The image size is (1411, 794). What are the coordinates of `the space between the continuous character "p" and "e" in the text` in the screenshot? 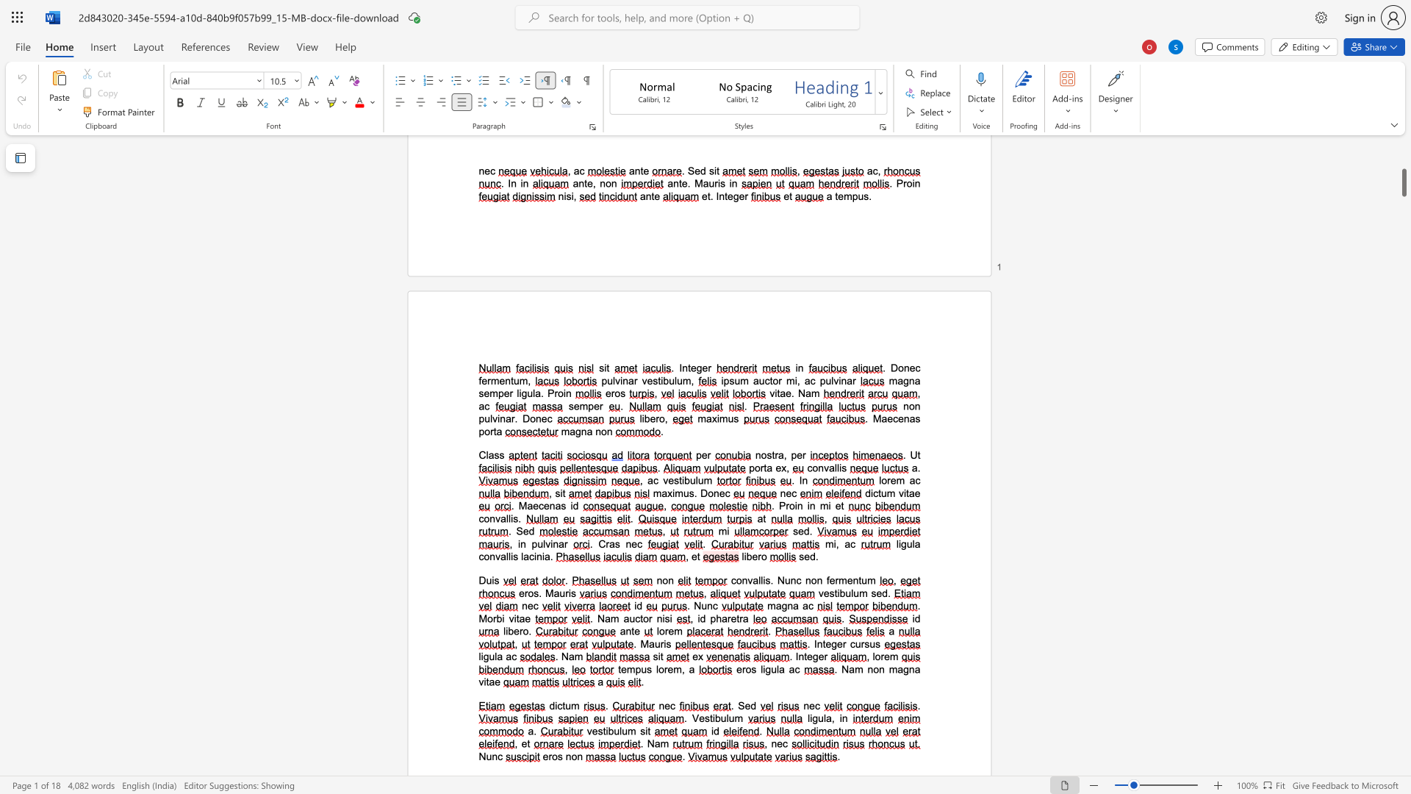 It's located at (796, 454).